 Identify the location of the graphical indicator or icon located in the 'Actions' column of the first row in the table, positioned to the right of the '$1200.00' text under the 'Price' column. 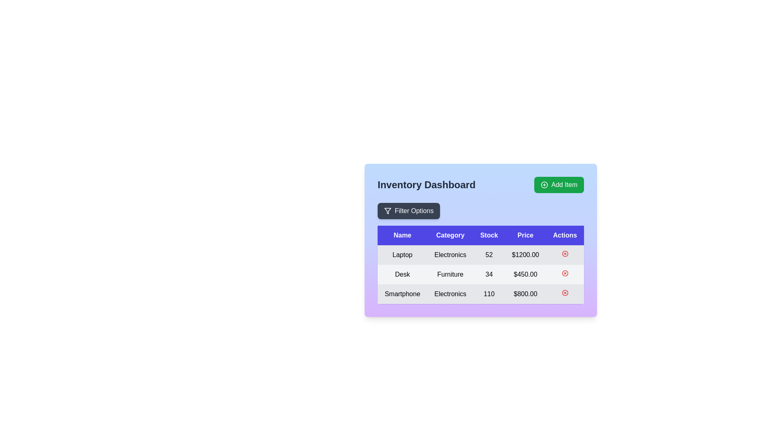
(564, 254).